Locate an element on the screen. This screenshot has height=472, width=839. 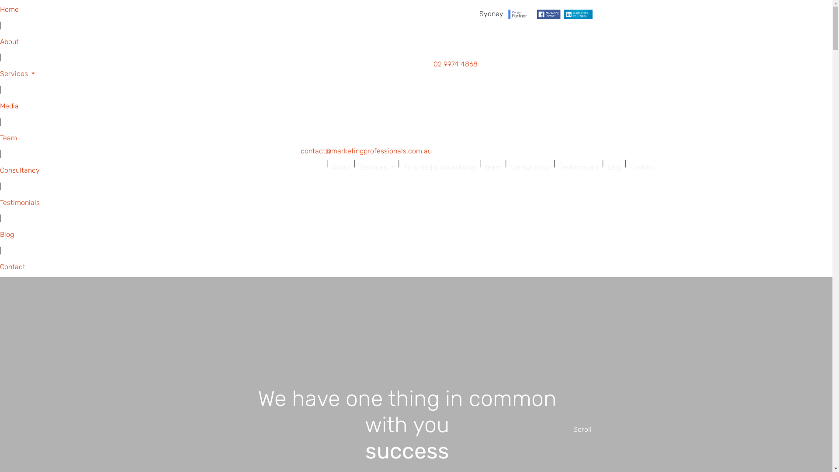
'TV & Radio Advertising' is located at coordinates (399, 167).